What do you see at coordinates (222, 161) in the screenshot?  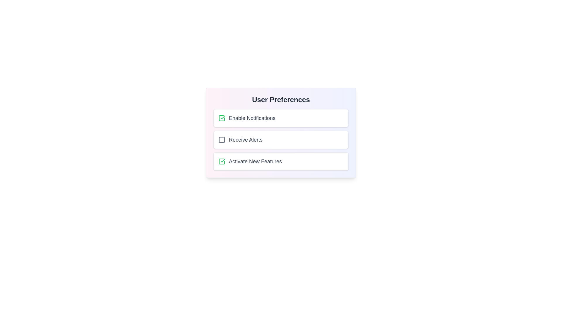 I see `the checkbox that allows users to toggle the 'Activate New Features' option, located at the leftmost side of the bottom row within the 'Activate New Features' grouping` at bounding box center [222, 161].